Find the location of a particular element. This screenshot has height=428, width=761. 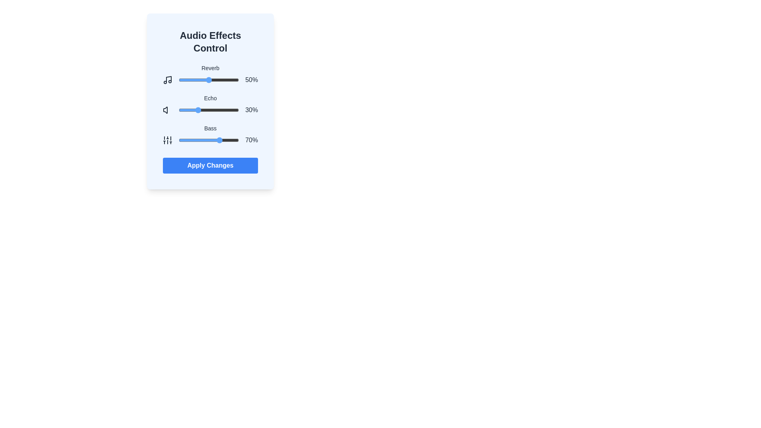

the reverb level is located at coordinates (205, 80).